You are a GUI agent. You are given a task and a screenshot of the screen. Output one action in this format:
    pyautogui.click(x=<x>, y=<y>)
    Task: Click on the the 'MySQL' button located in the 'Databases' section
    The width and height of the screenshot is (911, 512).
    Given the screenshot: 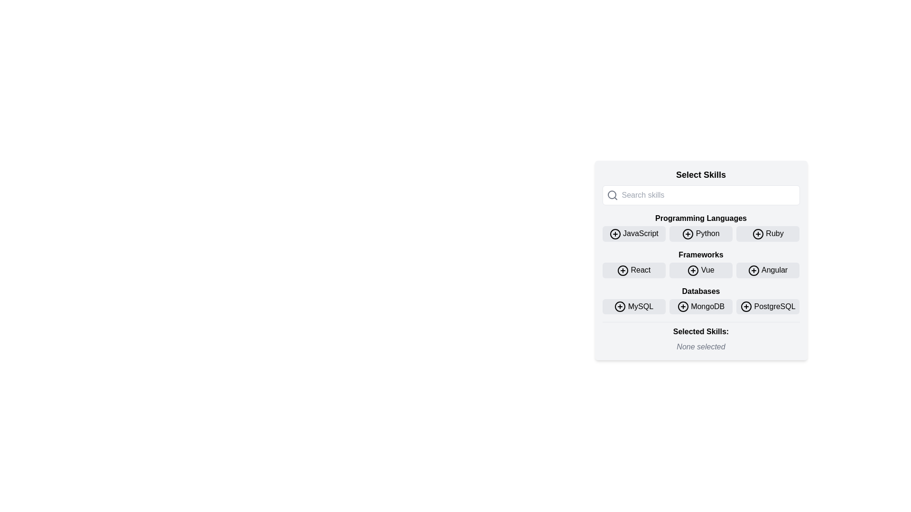 What is the action you would take?
    pyautogui.click(x=634, y=306)
    